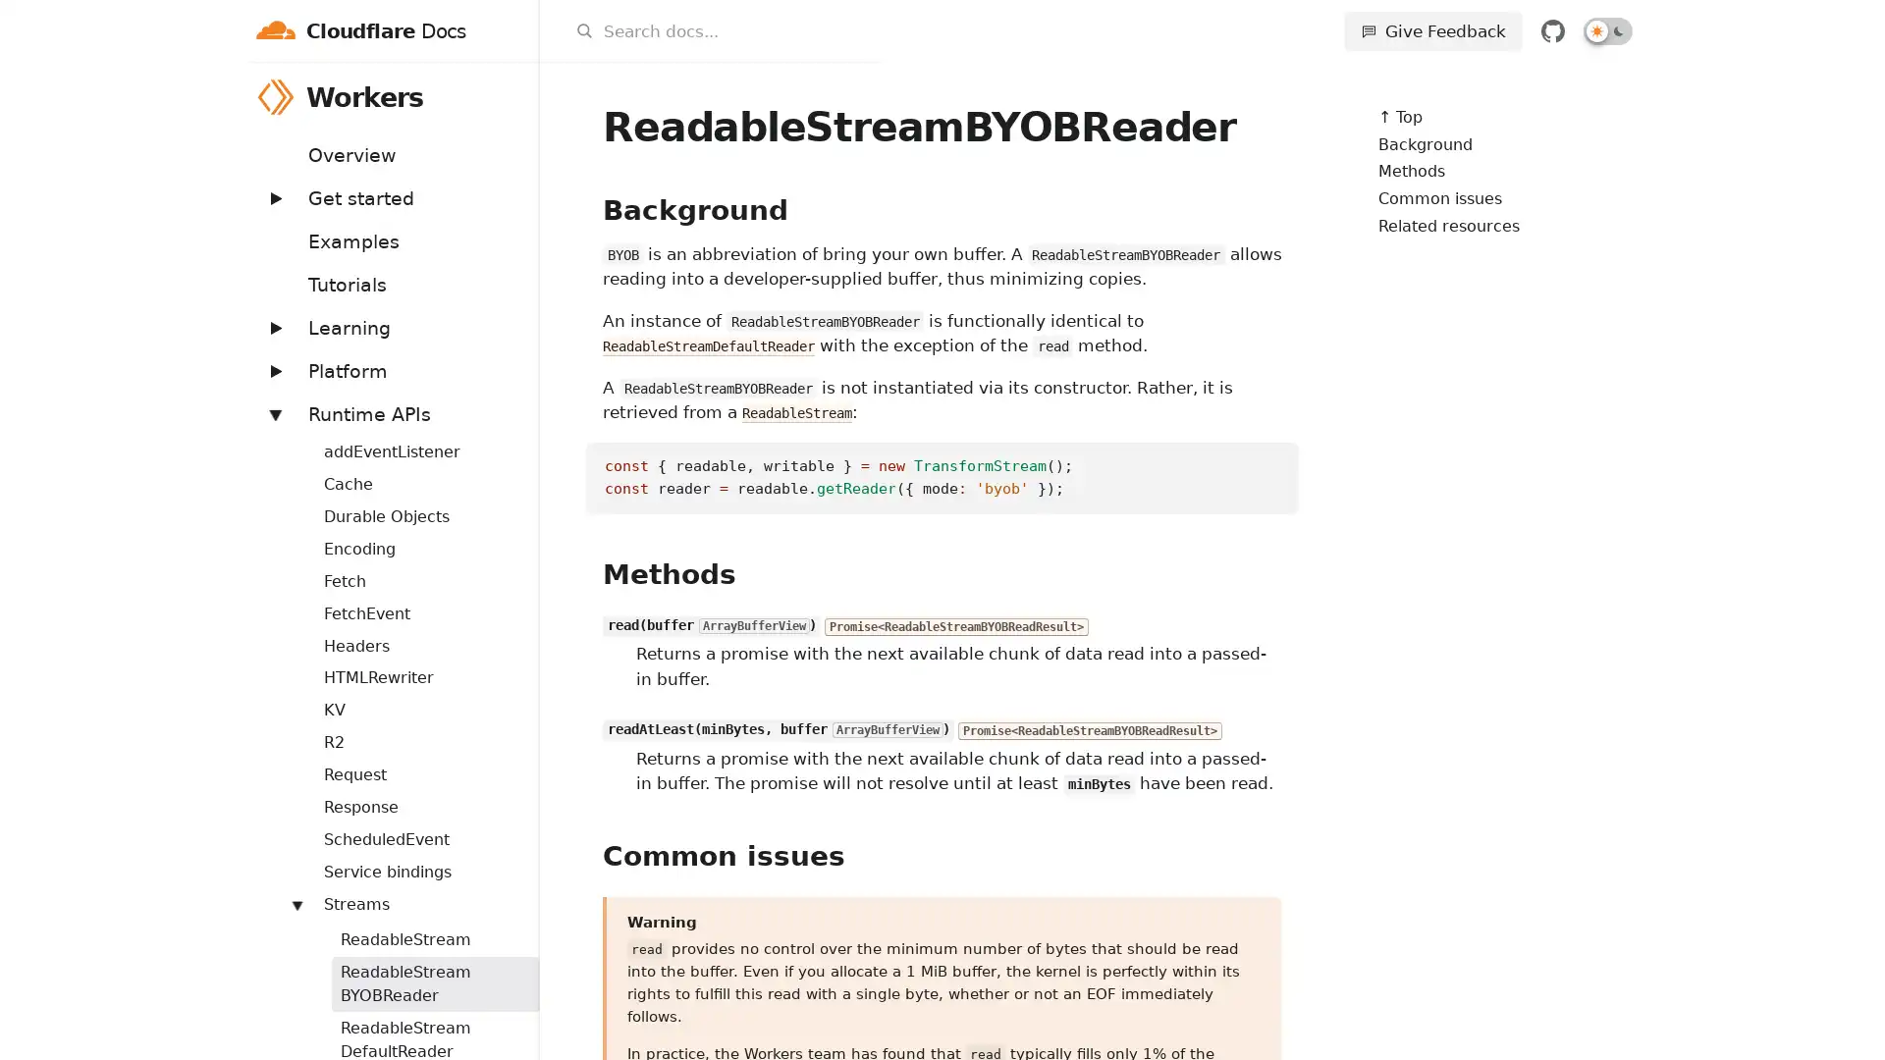  I want to click on Expand: Bindings, so click(286, 439).